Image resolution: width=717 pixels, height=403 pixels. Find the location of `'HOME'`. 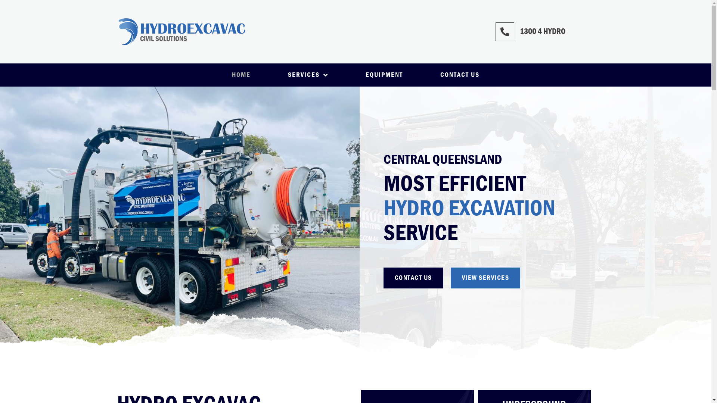

'HOME' is located at coordinates (241, 75).